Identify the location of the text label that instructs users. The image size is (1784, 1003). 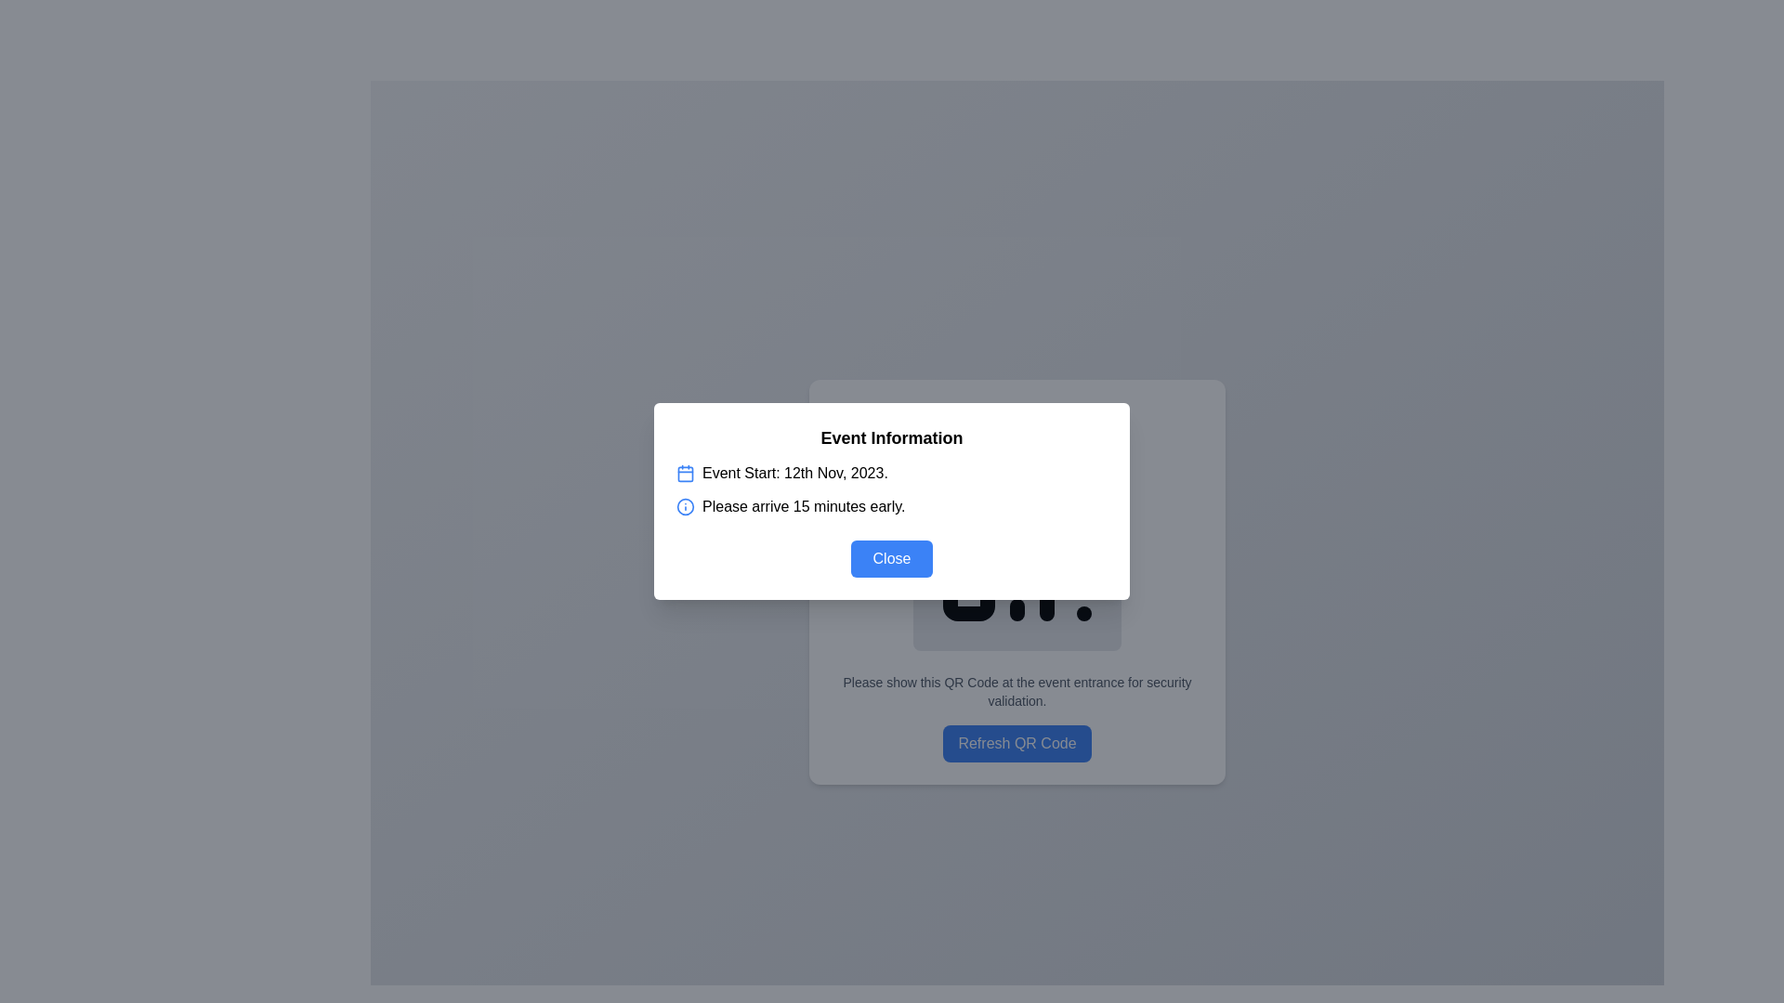
(1016, 691).